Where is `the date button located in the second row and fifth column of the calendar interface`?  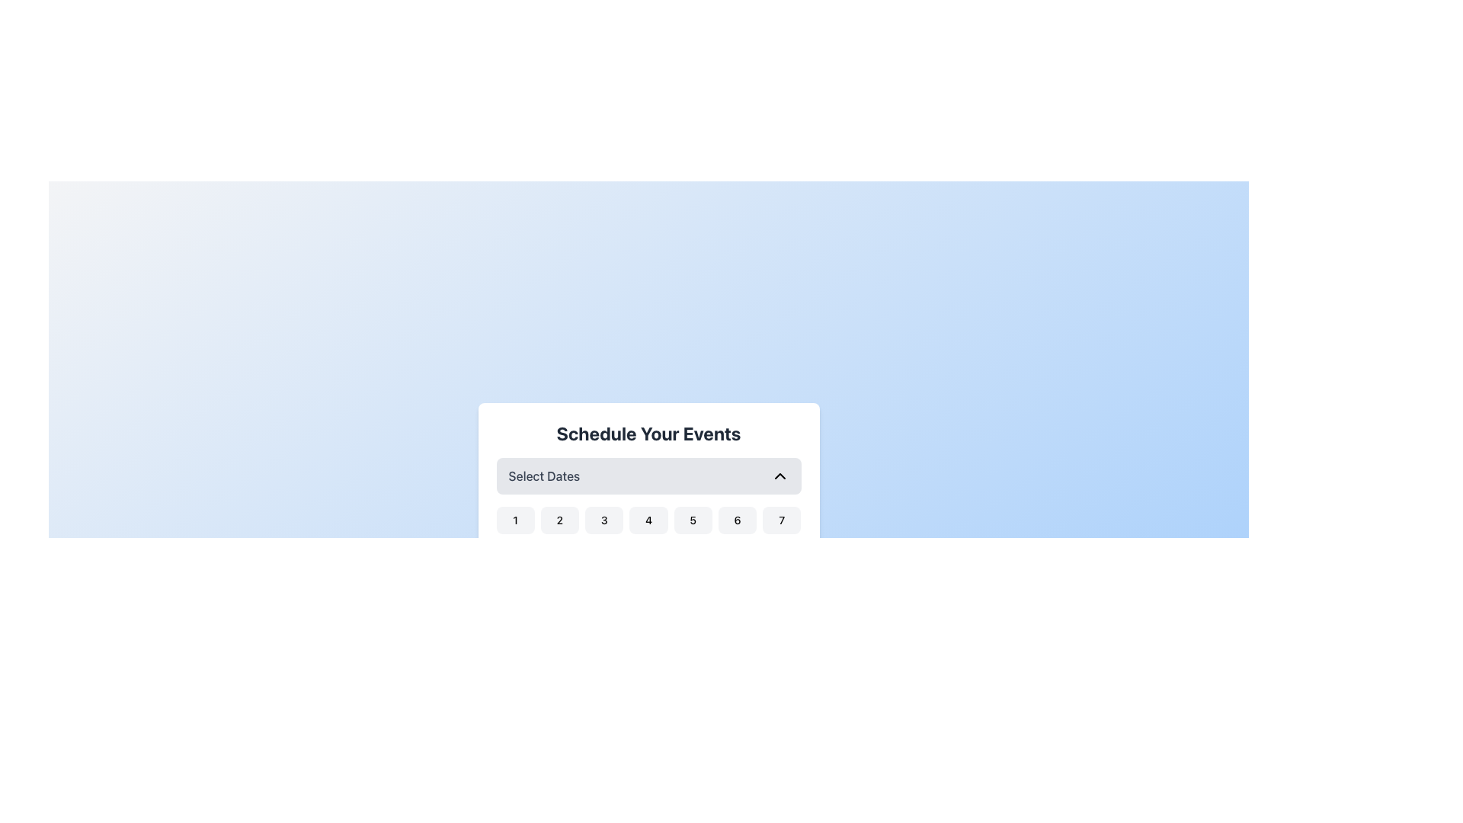
the date button located in the second row and fifth column of the calendar interface is located at coordinates (692, 554).